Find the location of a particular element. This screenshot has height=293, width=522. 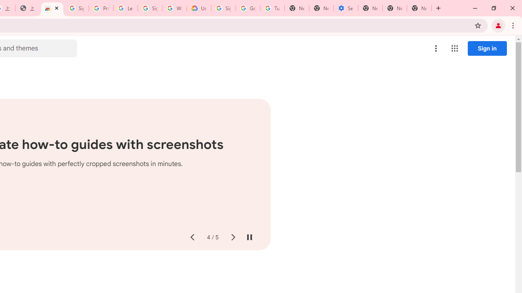

'Settings - Addresses and more' is located at coordinates (346, 8).